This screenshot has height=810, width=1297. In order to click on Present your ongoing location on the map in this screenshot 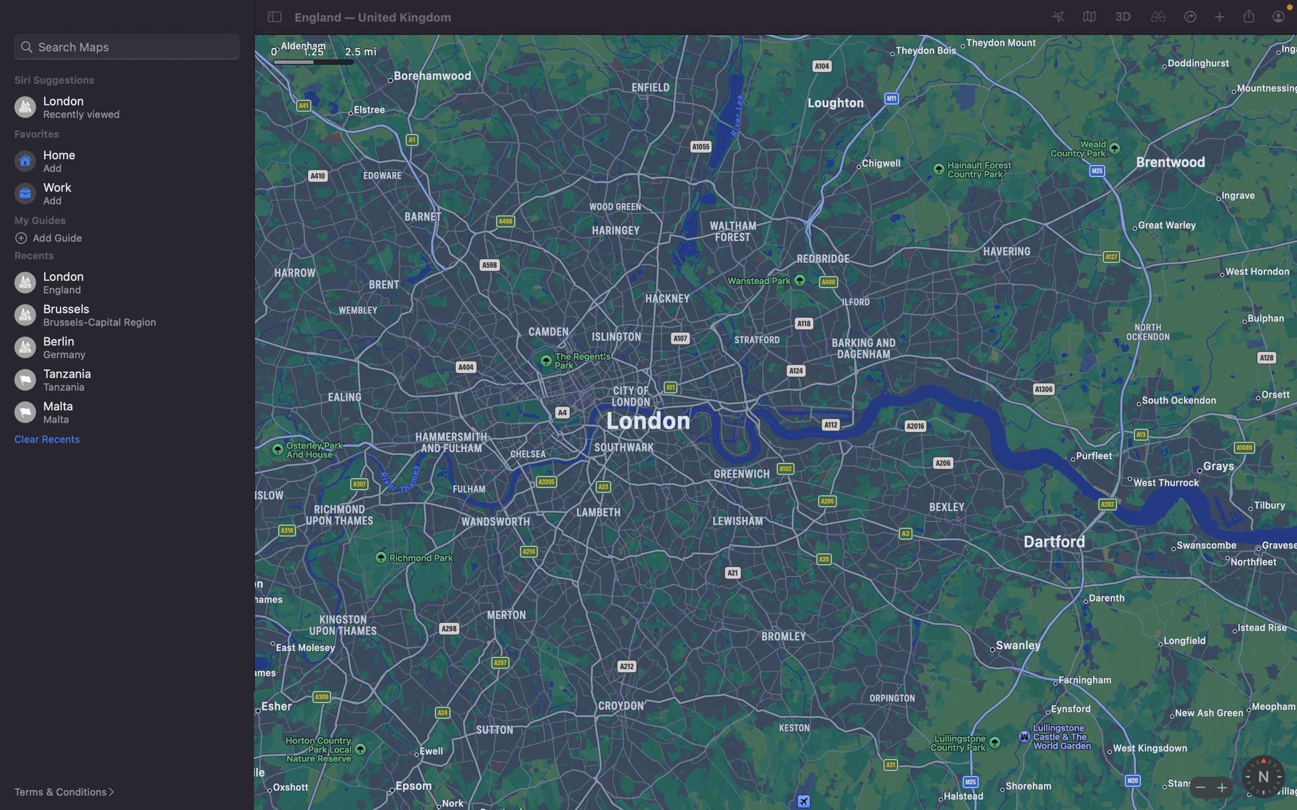, I will do `click(1059, 17)`.